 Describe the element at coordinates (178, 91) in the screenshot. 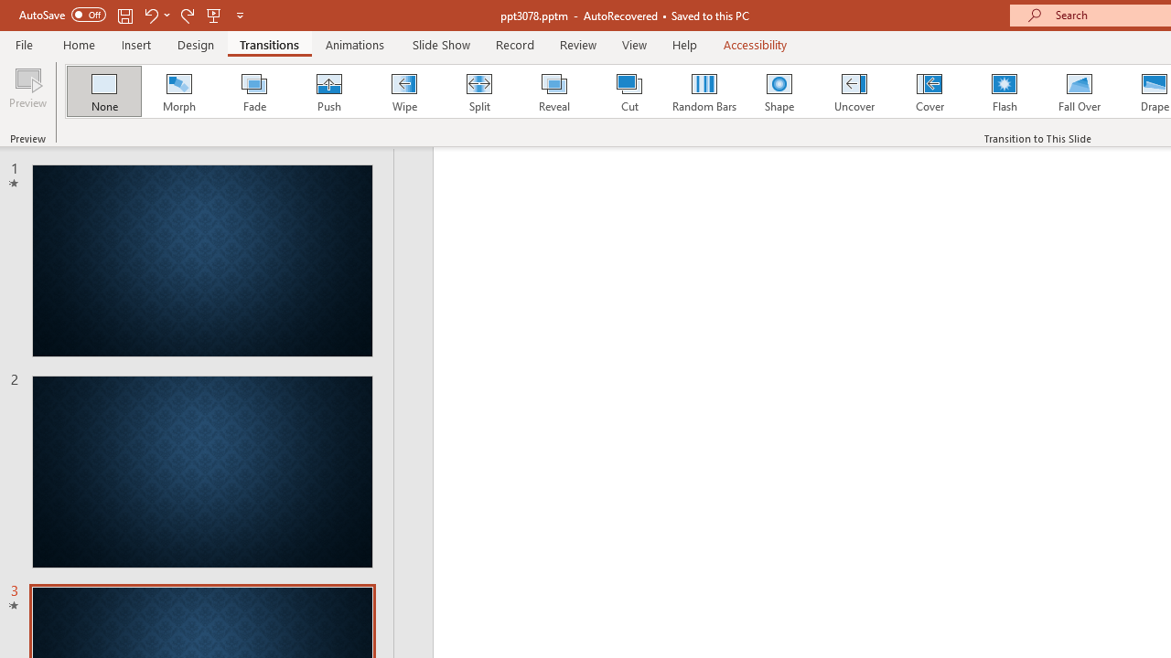

I see `'Morph'` at that location.